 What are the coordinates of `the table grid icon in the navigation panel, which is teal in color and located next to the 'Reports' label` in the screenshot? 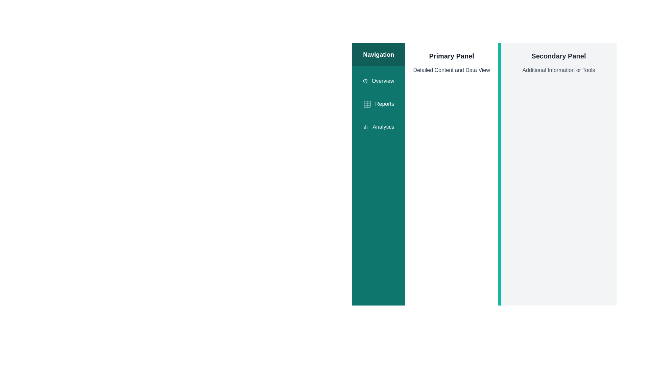 It's located at (366, 104).